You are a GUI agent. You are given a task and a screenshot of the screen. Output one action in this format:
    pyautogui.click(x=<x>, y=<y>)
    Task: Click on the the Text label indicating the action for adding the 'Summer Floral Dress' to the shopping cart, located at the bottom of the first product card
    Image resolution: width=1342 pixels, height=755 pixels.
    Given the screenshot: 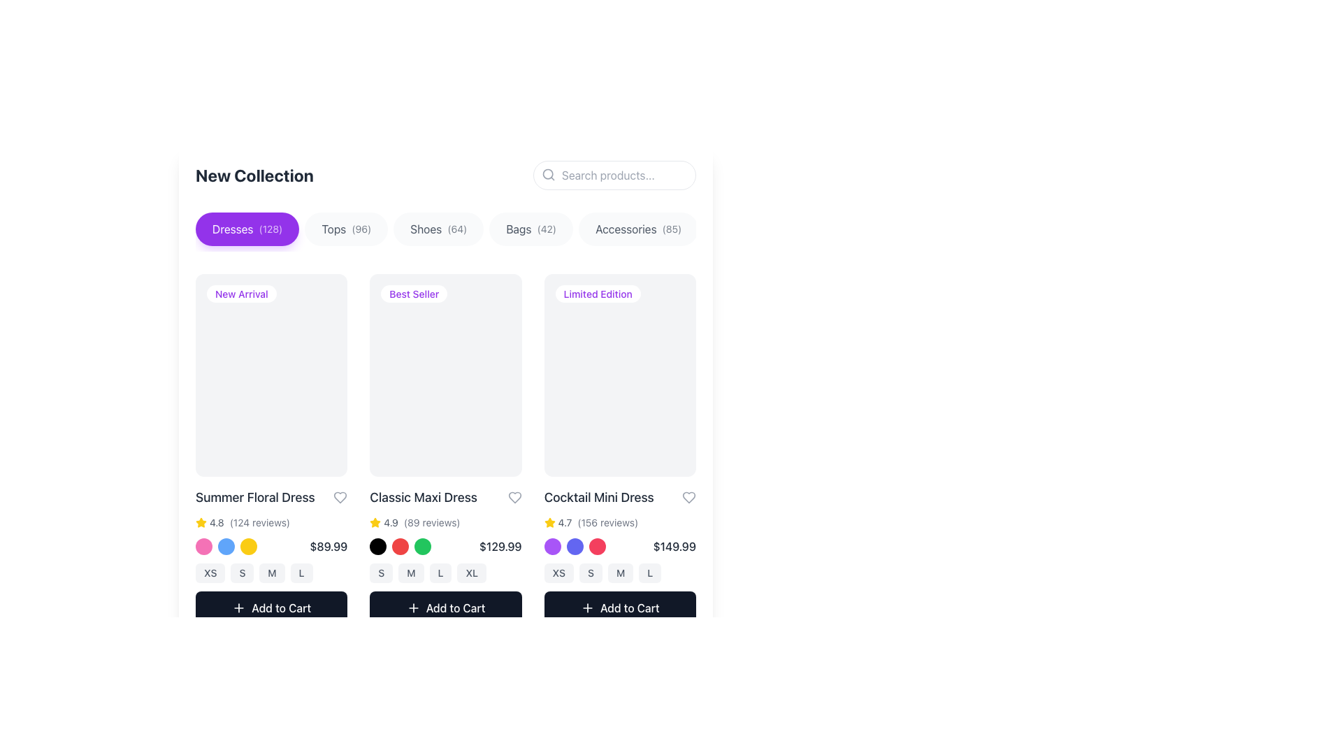 What is the action you would take?
    pyautogui.click(x=280, y=607)
    